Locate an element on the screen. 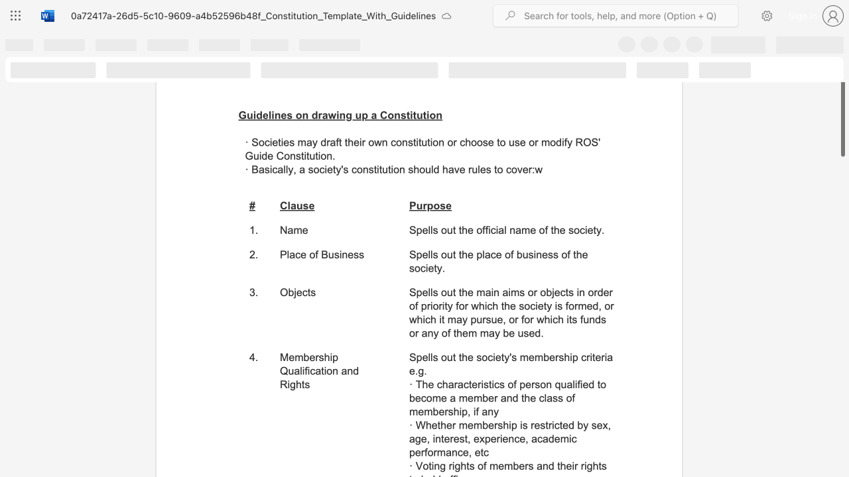 The width and height of the screenshot is (849, 477). the subset text "iety" within the text "Spells out the place of business of the society." is located at coordinates (425, 268).